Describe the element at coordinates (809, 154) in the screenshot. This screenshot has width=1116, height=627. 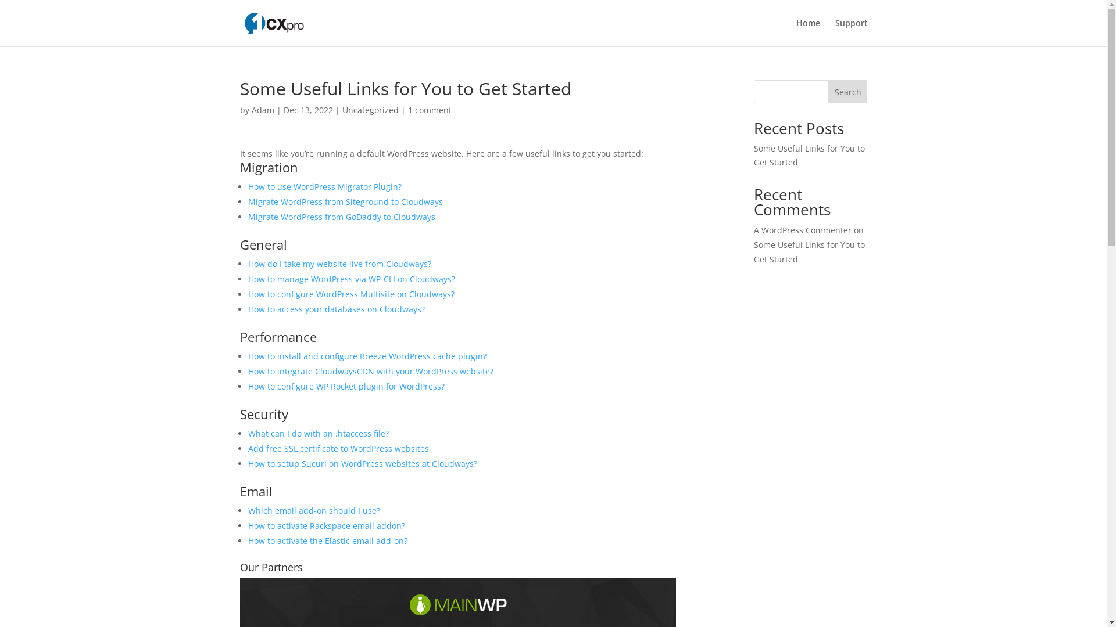
I see `'Some Useful Links for You to Get Started'` at that location.